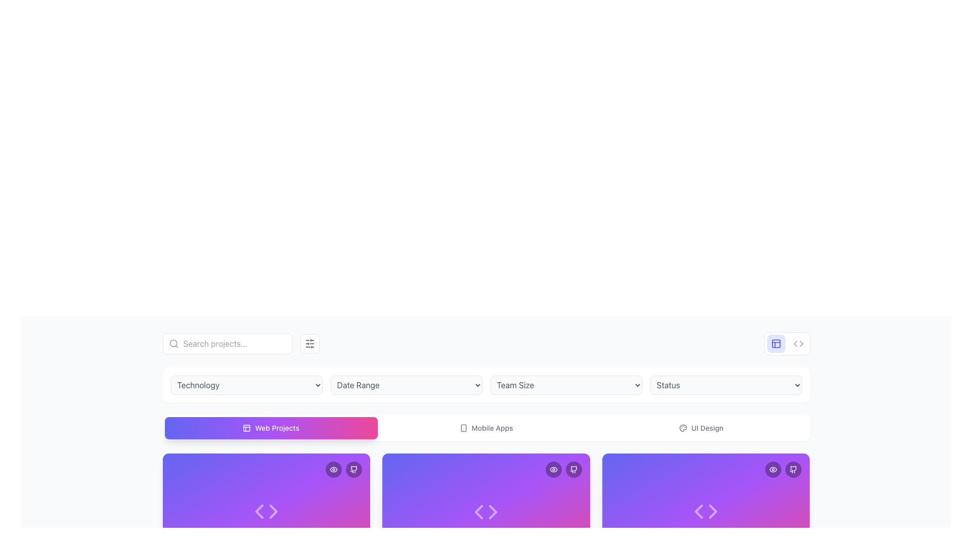 The image size is (971, 546). I want to click on the search input field located in the top section of the interface, so click(227, 343).